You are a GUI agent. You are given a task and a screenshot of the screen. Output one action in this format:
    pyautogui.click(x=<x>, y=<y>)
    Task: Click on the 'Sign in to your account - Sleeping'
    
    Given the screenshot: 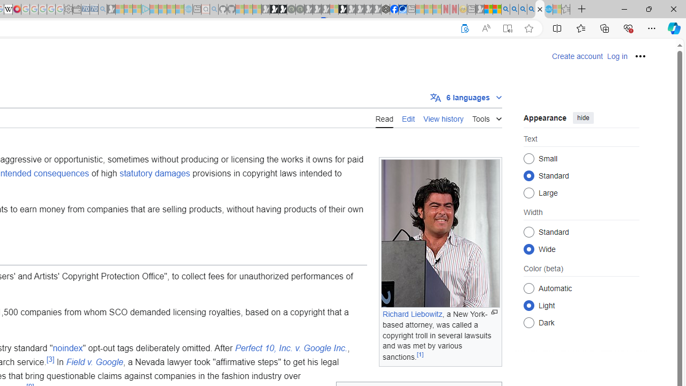 What is the action you would take?
    pyautogui.click(x=333, y=9)
    